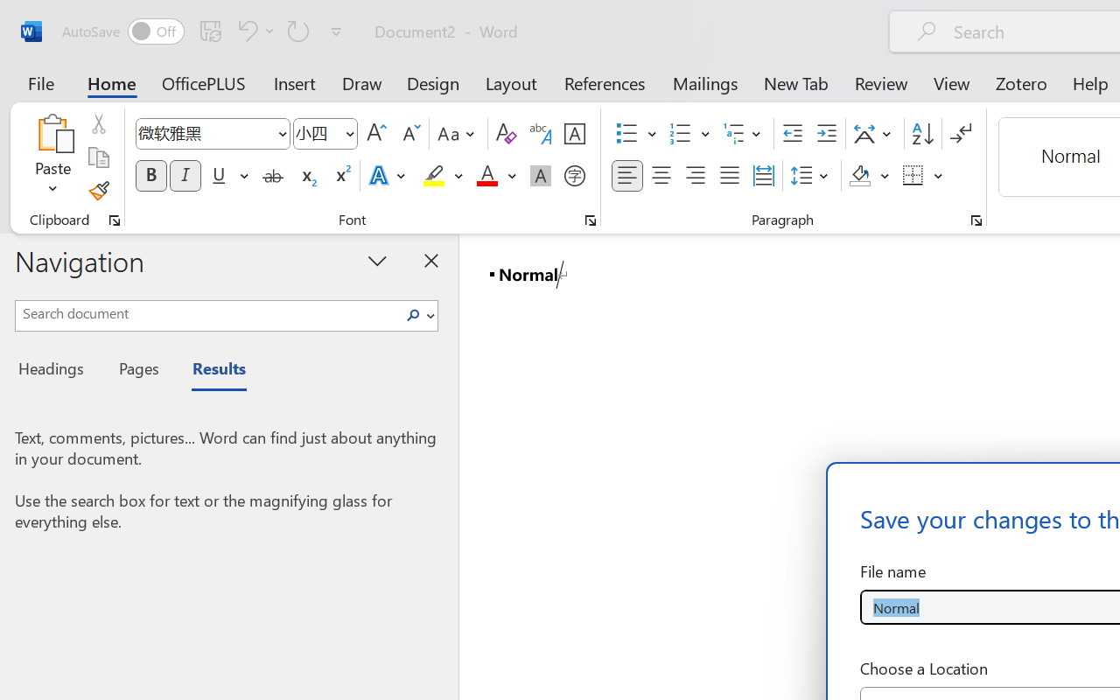 The height and width of the screenshot is (700, 1120). Describe the element at coordinates (185, 176) in the screenshot. I see `'Italic'` at that location.